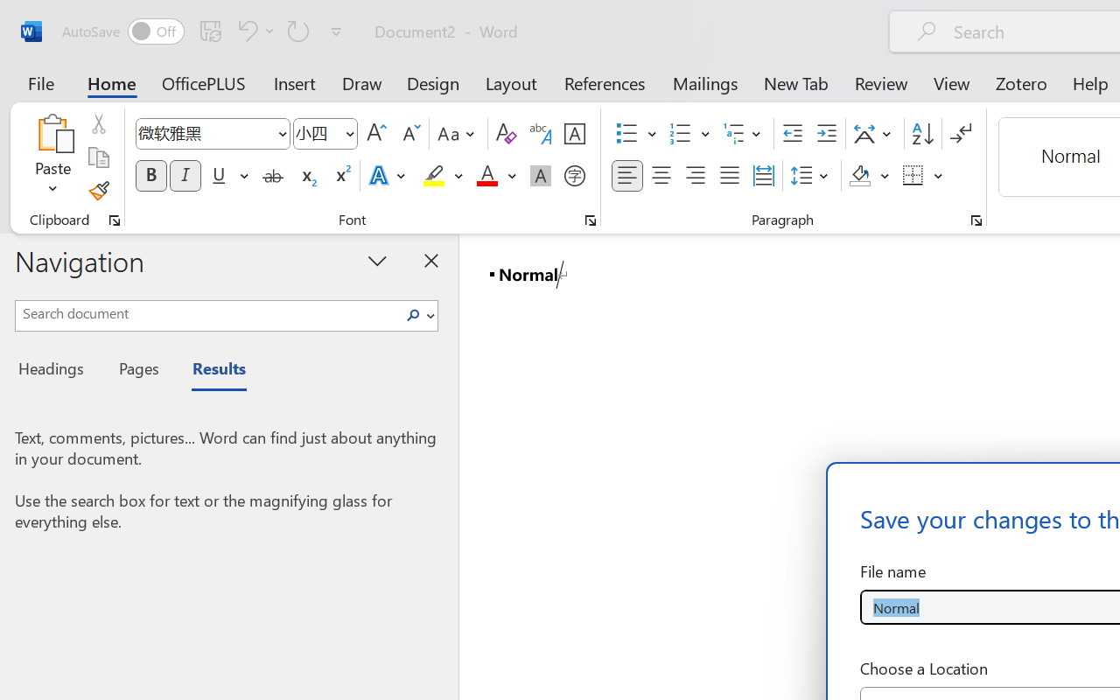 The height and width of the screenshot is (700, 1120). Describe the element at coordinates (185, 176) in the screenshot. I see `'Italic'` at that location.